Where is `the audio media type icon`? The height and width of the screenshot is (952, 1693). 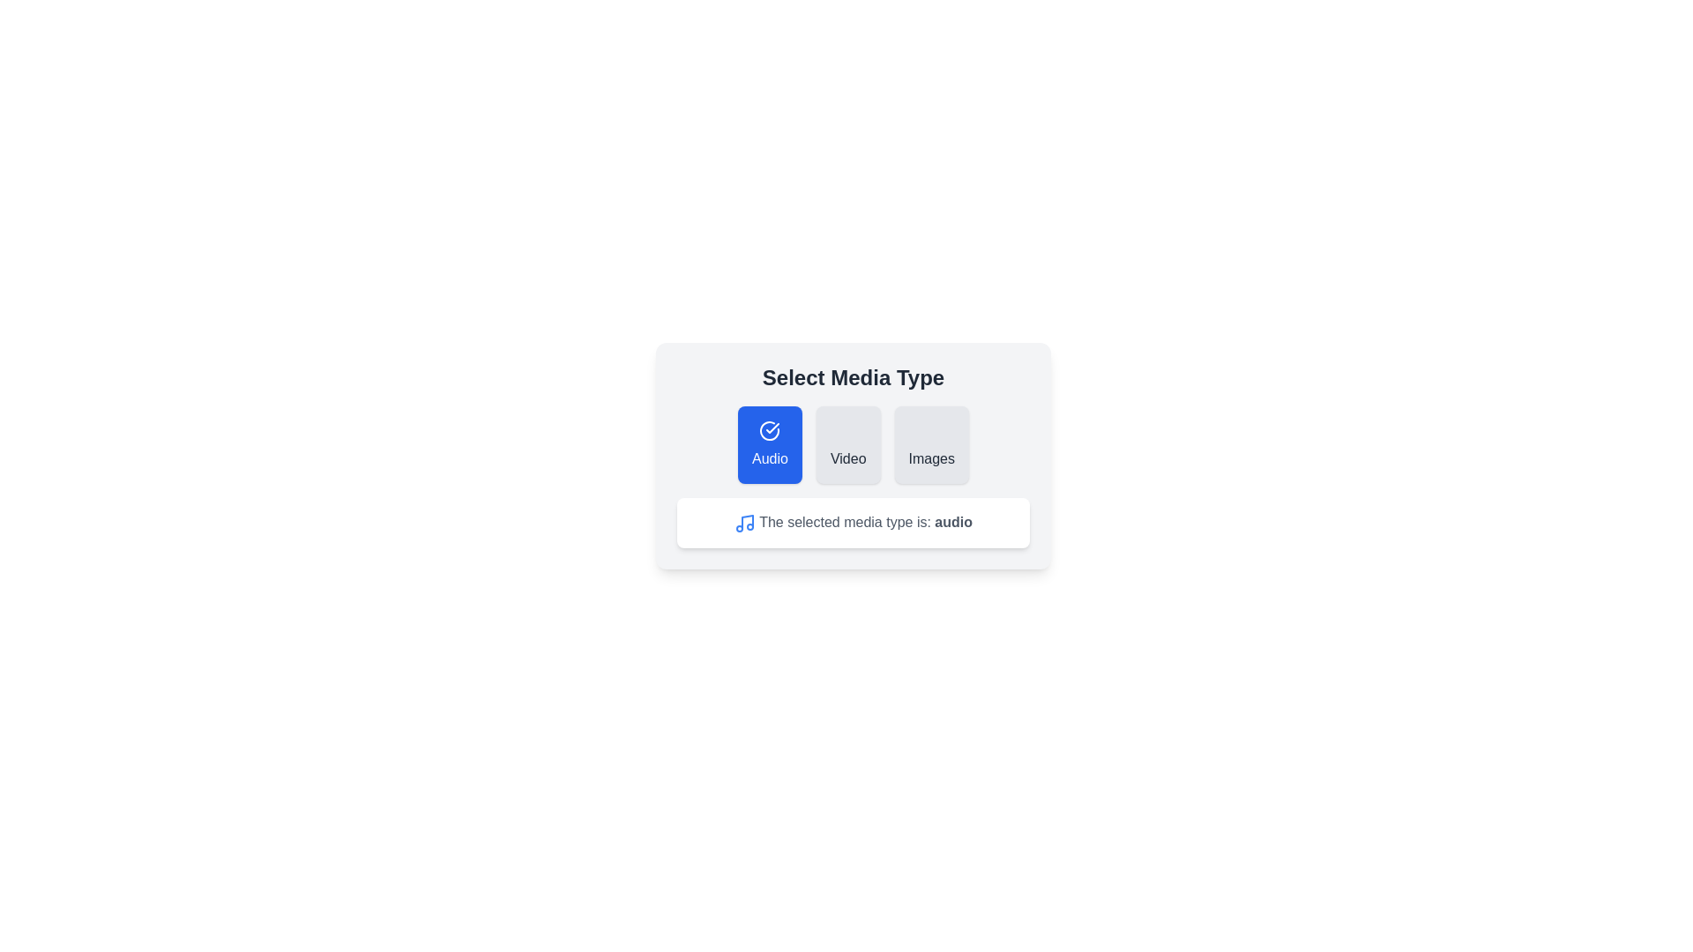 the audio media type icon is located at coordinates (744, 522).